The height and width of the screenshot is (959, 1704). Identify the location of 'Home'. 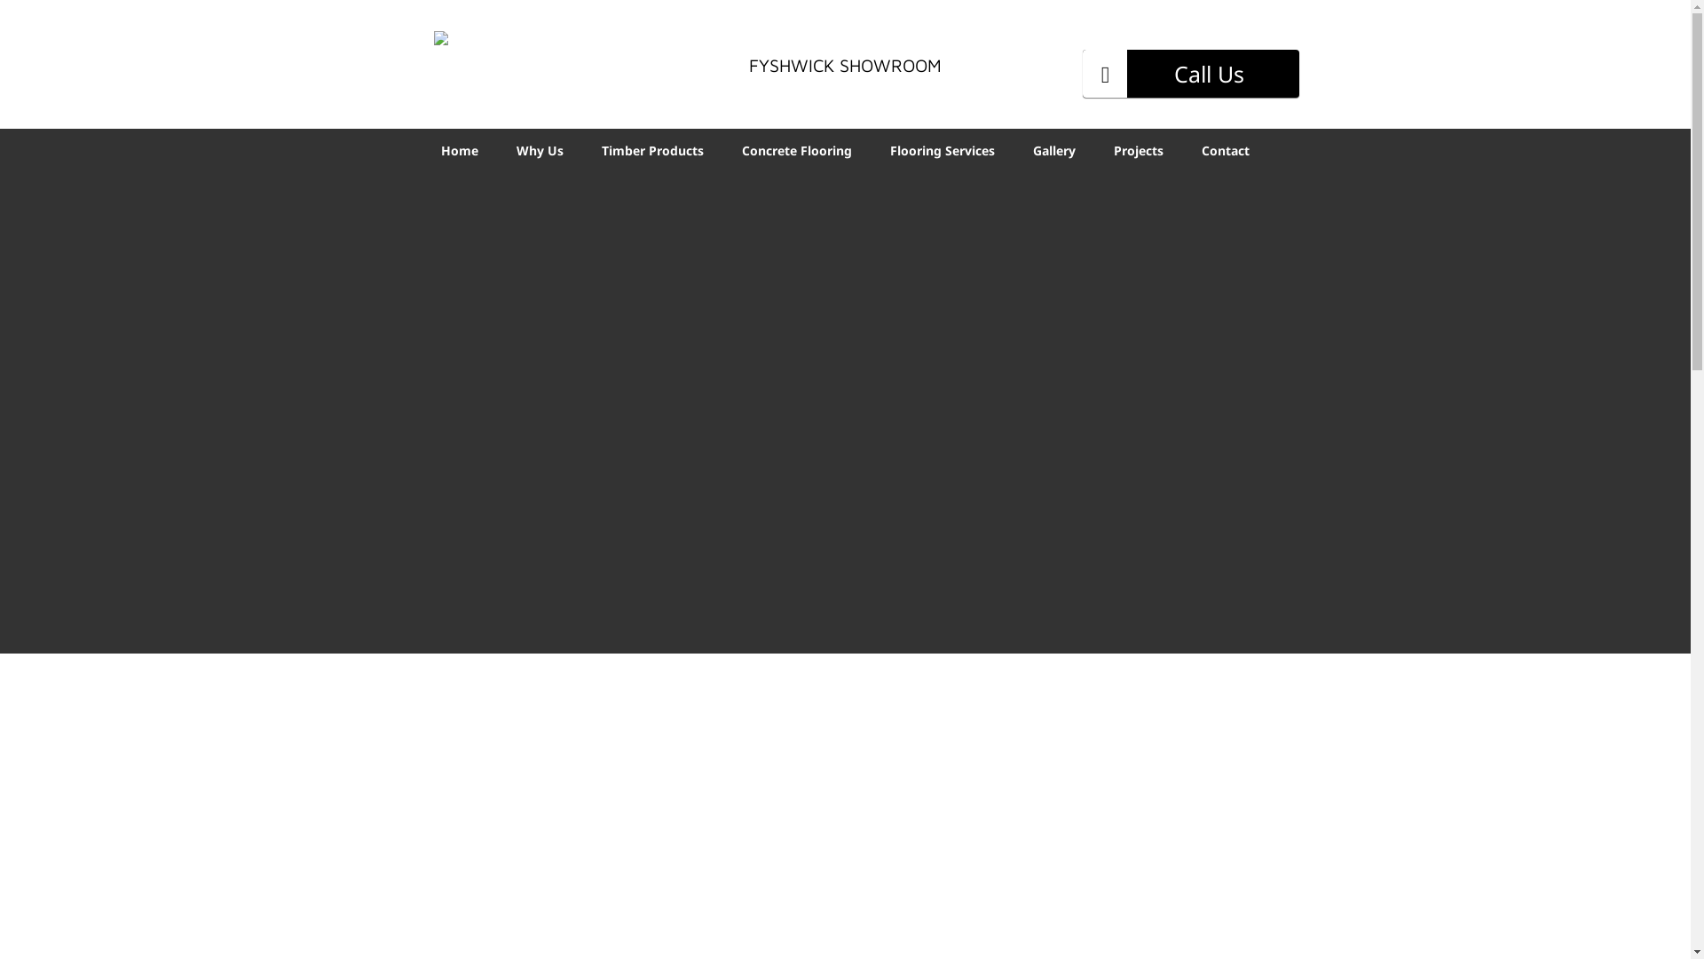
(460, 148).